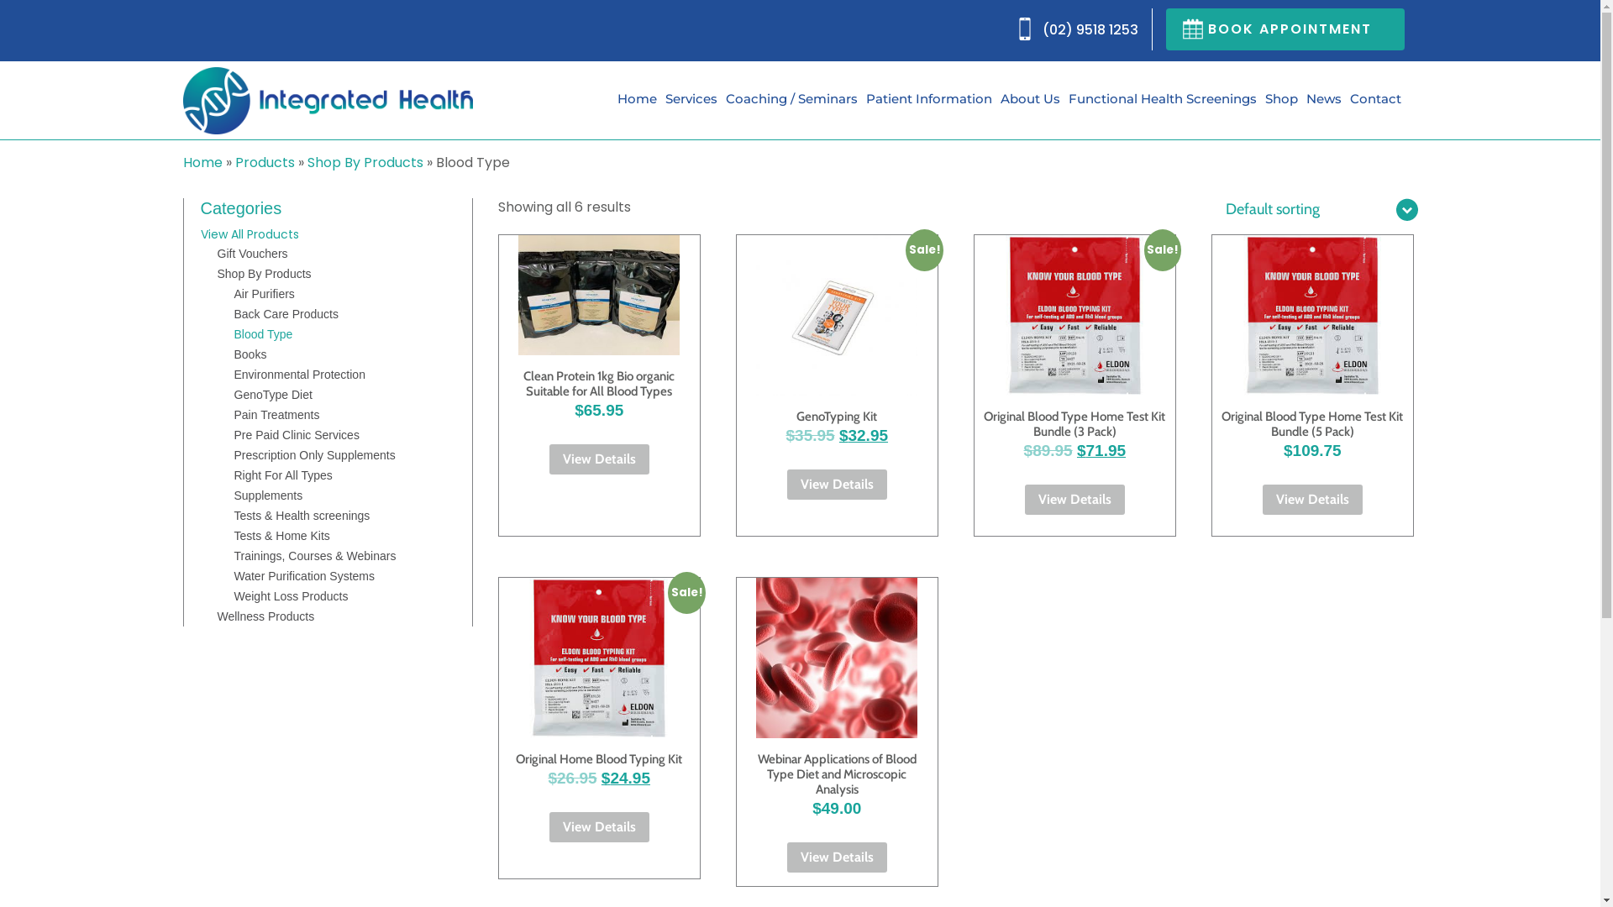 Image resolution: width=1613 pixels, height=907 pixels. Describe the element at coordinates (276, 414) in the screenshot. I see `'Pain Treatments'` at that location.